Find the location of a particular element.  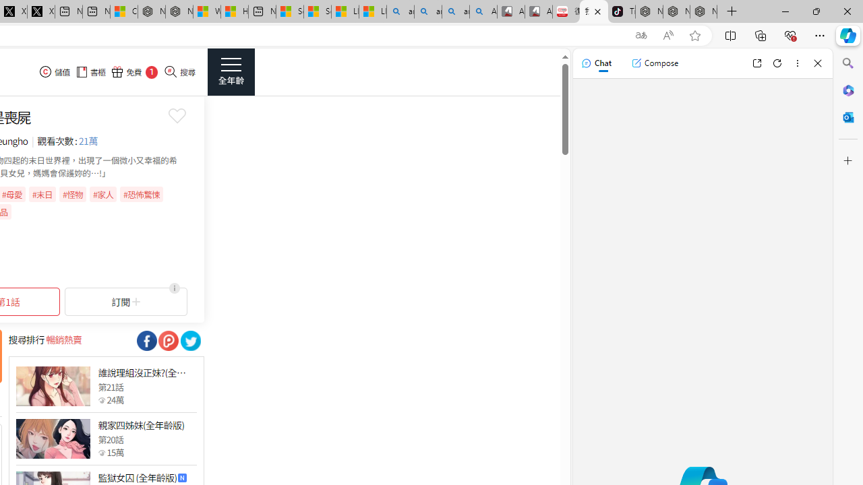

'Microsoft 365' is located at coordinates (847, 90).